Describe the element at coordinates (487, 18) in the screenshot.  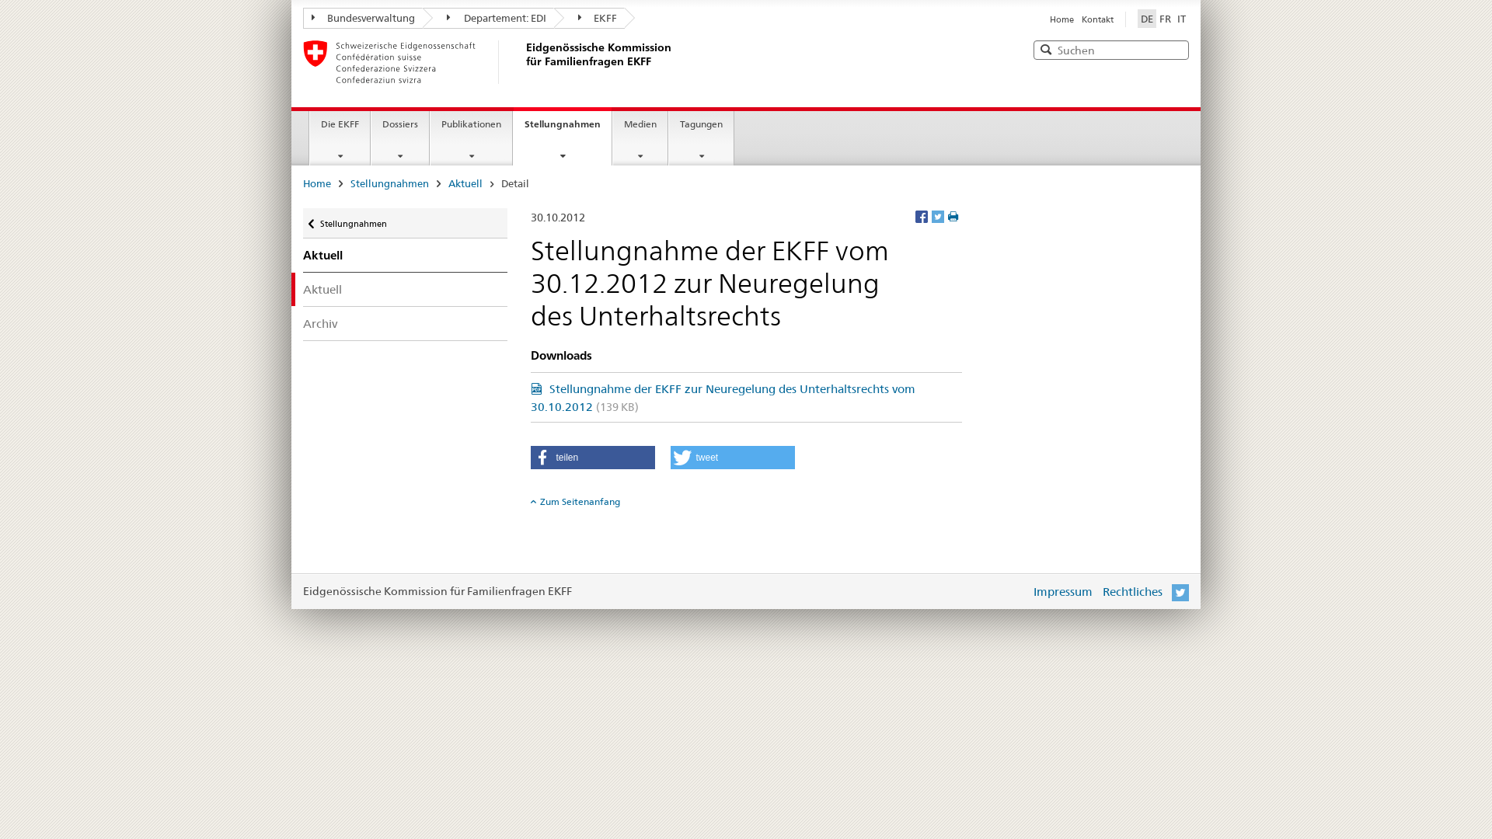
I see `'Departement: EDI'` at that location.